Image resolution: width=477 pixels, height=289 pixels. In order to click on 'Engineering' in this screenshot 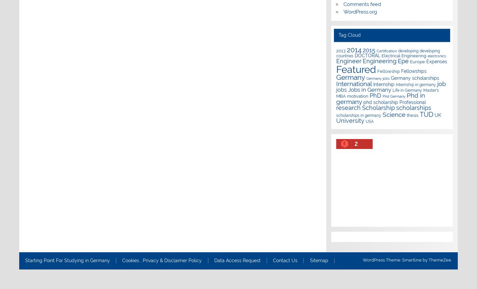, I will do `click(379, 61)`.